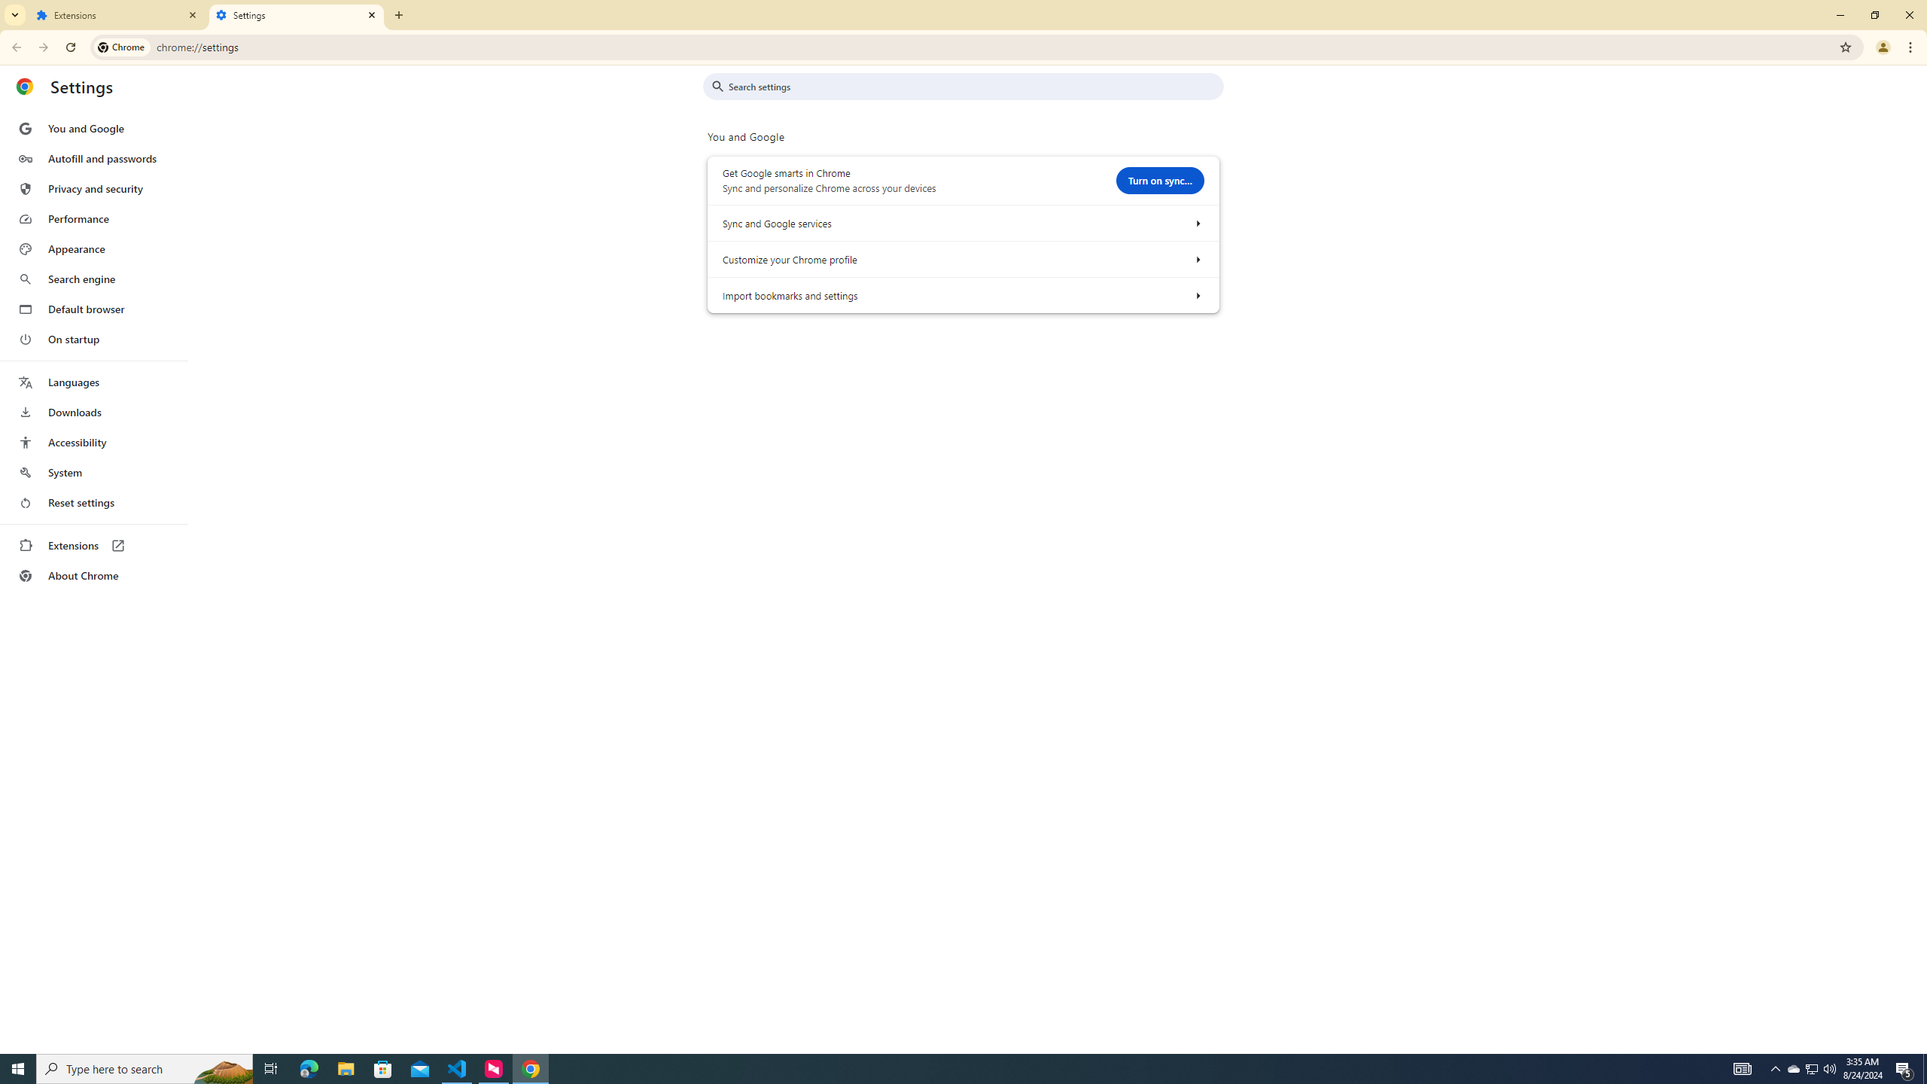 This screenshot has width=1927, height=1084. I want to click on 'Downloads', so click(93, 412).